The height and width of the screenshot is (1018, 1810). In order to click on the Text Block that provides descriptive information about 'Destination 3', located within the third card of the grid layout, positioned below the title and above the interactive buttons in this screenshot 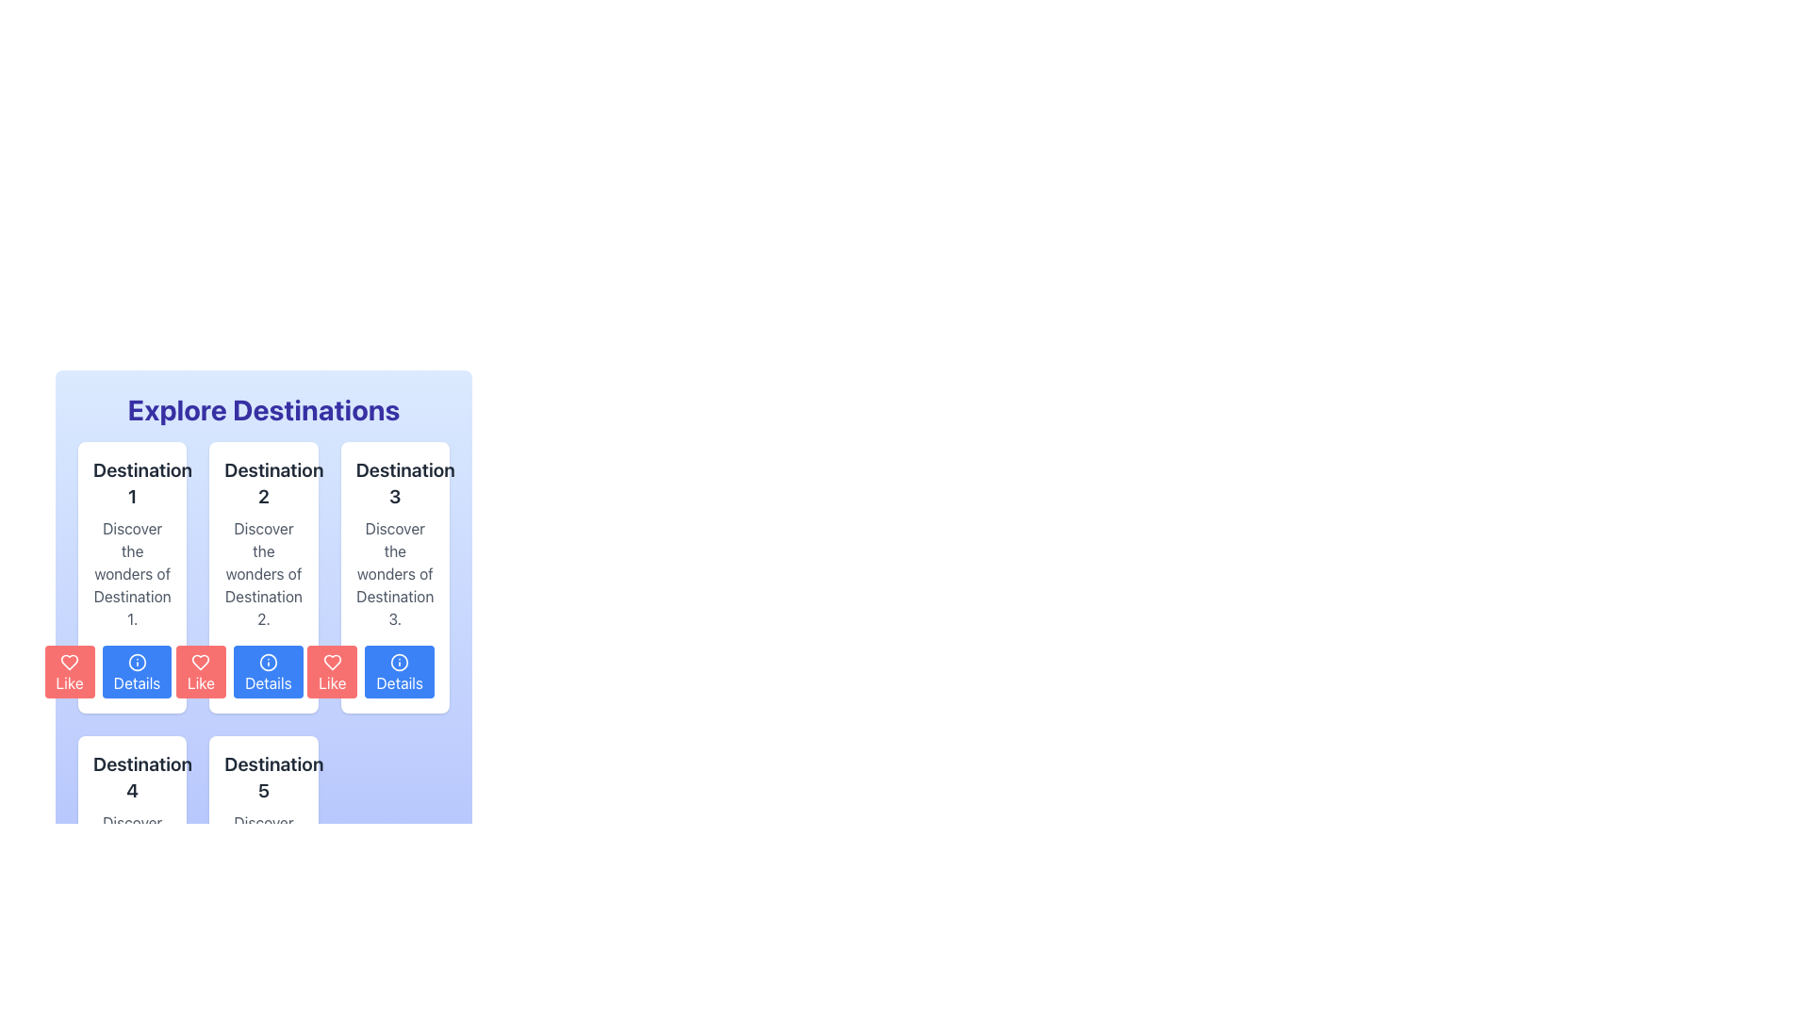, I will do `click(394, 573)`.